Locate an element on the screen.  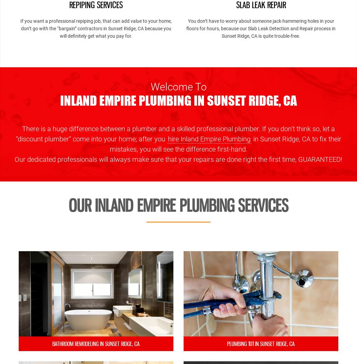
'There is a huge difference between a plumber and a skilled professional plumber. If you don’t think so, let a “discount plumber” come into your home; after you' is located at coordinates (175, 133).